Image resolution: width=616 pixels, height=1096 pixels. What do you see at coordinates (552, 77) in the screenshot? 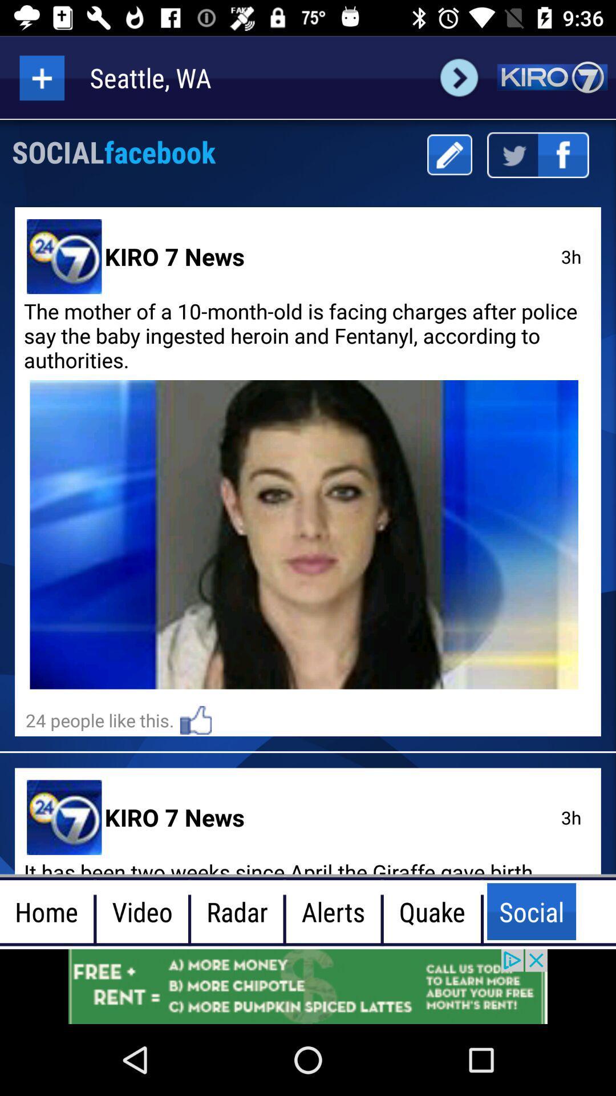
I see `home page option` at bounding box center [552, 77].